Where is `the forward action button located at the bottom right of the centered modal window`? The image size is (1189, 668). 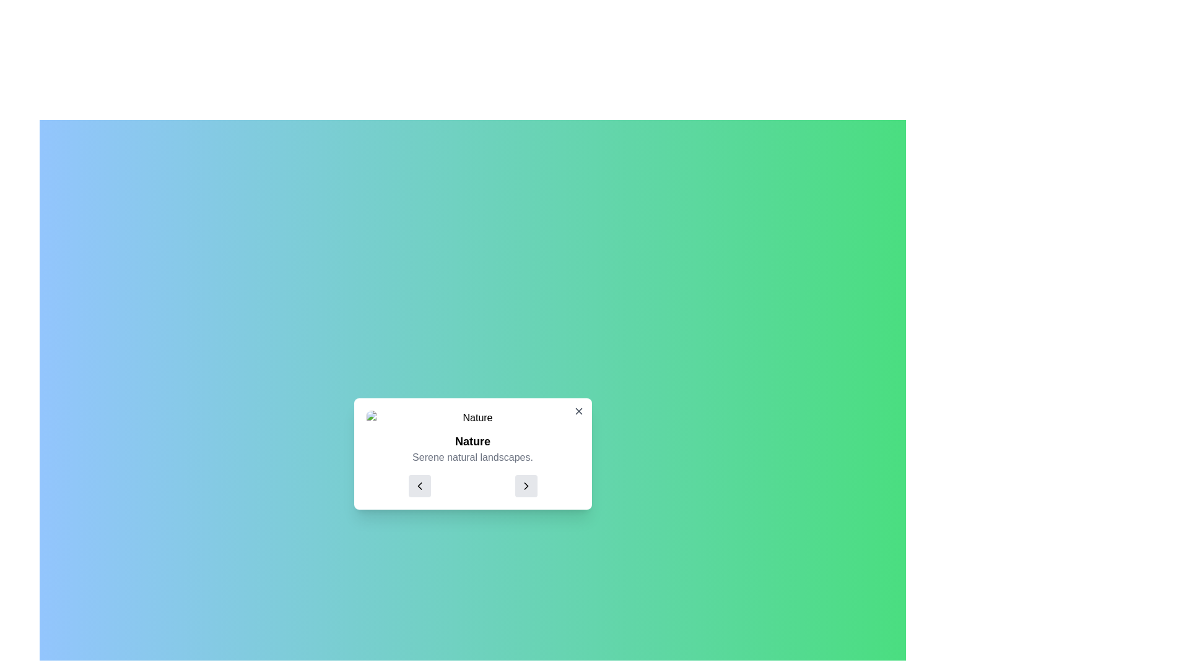
the forward action button located at the bottom right of the centered modal window is located at coordinates (526, 486).